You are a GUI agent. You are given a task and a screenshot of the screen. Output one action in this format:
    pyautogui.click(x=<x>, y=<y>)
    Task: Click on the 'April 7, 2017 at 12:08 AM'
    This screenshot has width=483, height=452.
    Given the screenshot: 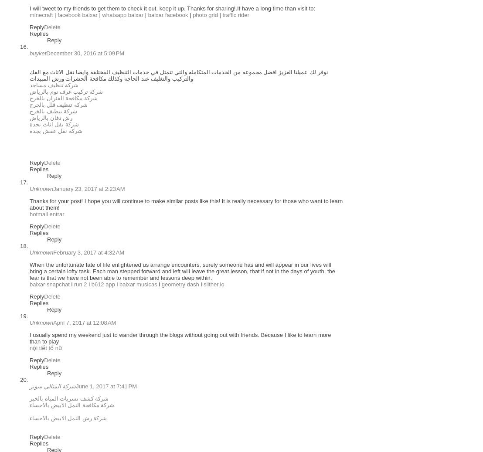 What is the action you would take?
    pyautogui.click(x=53, y=323)
    